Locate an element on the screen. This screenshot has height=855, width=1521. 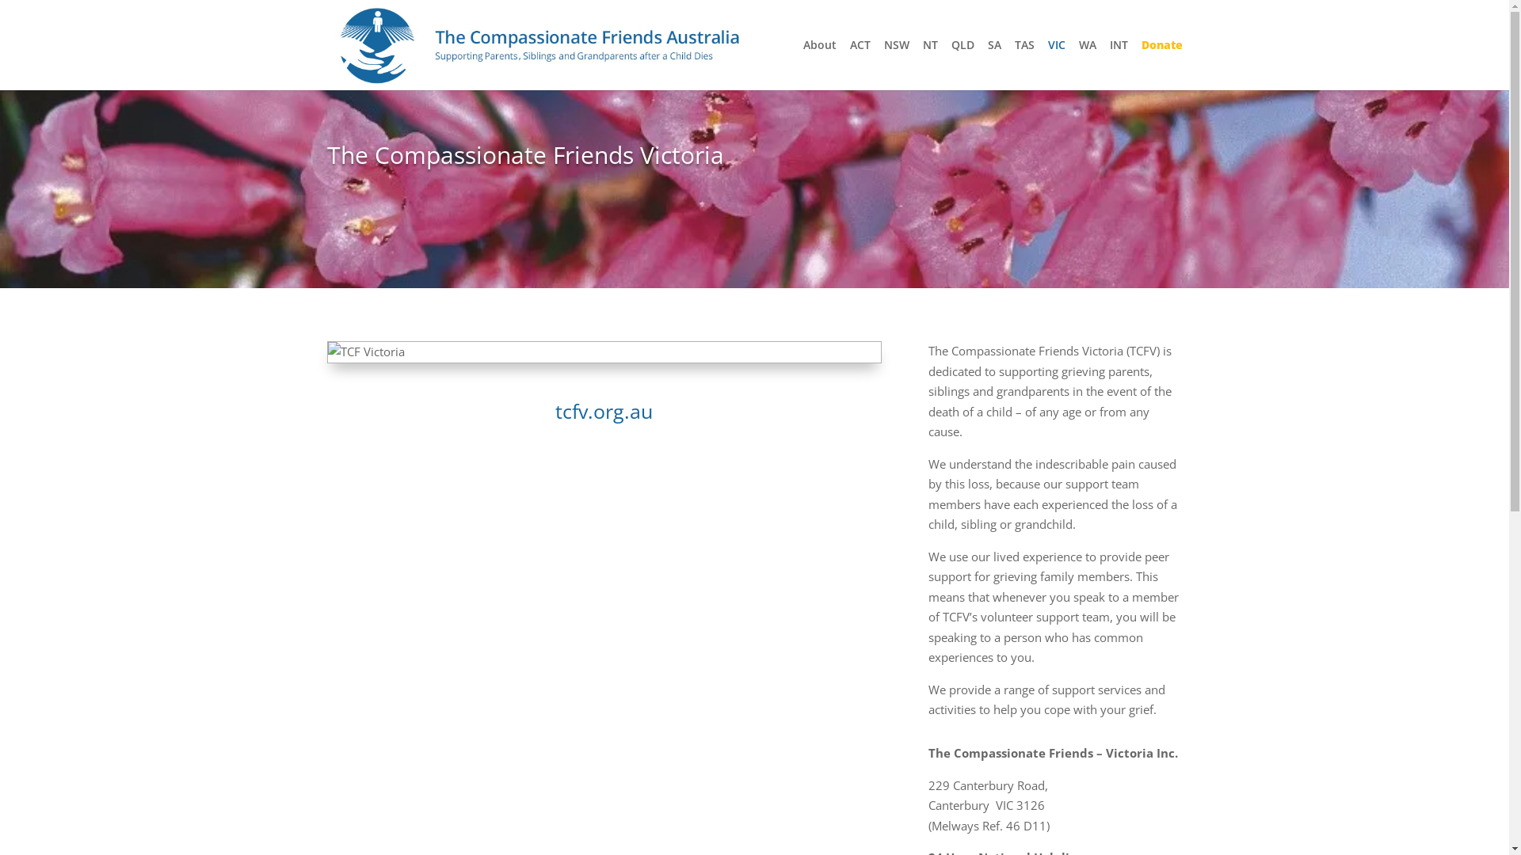
'tcfv.org.au' is located at coordinates (603, 410).